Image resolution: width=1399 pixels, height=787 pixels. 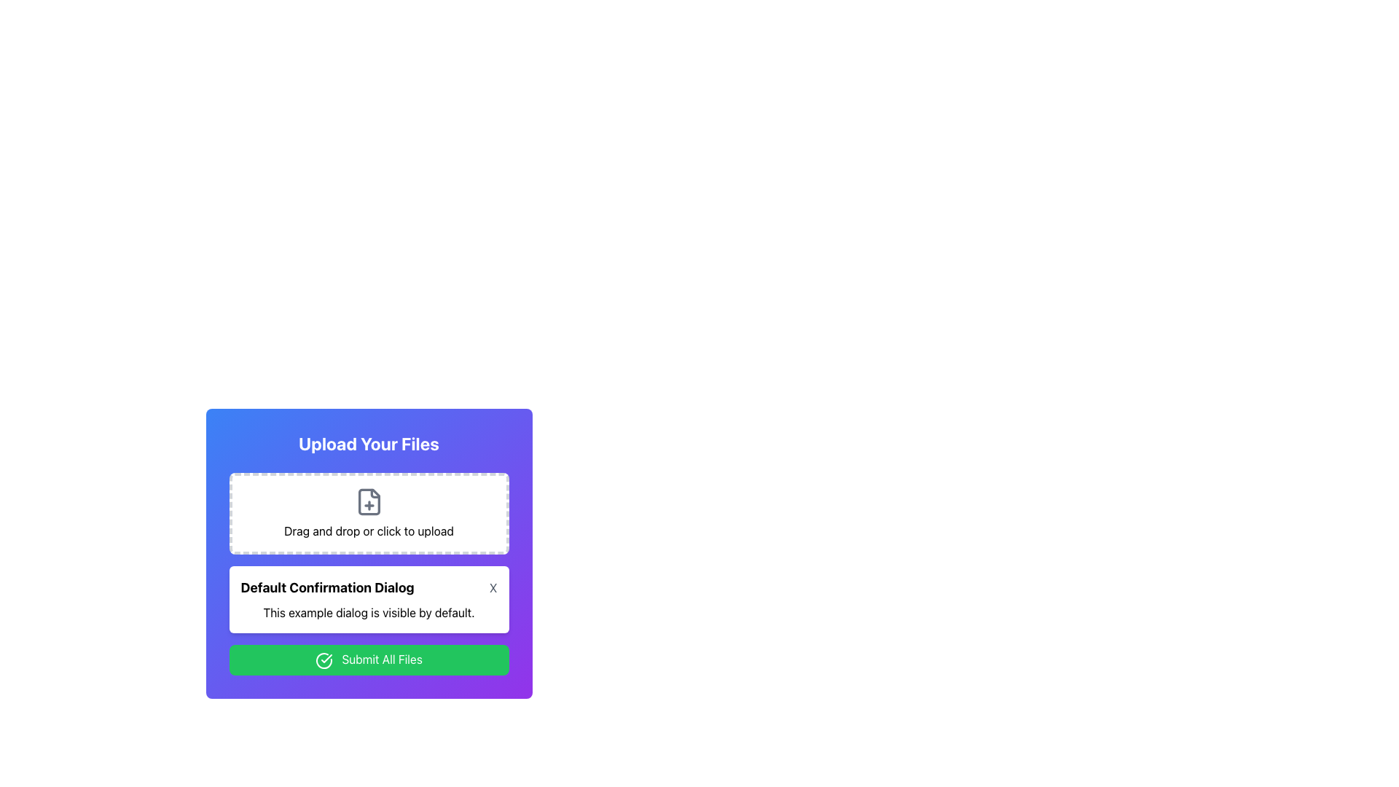 What do you see at coordinates (369, 587) in the screenshot?
I see `the 'X' button on the 'Default Confirmation Dialog'` at bounding box center [369, 587].